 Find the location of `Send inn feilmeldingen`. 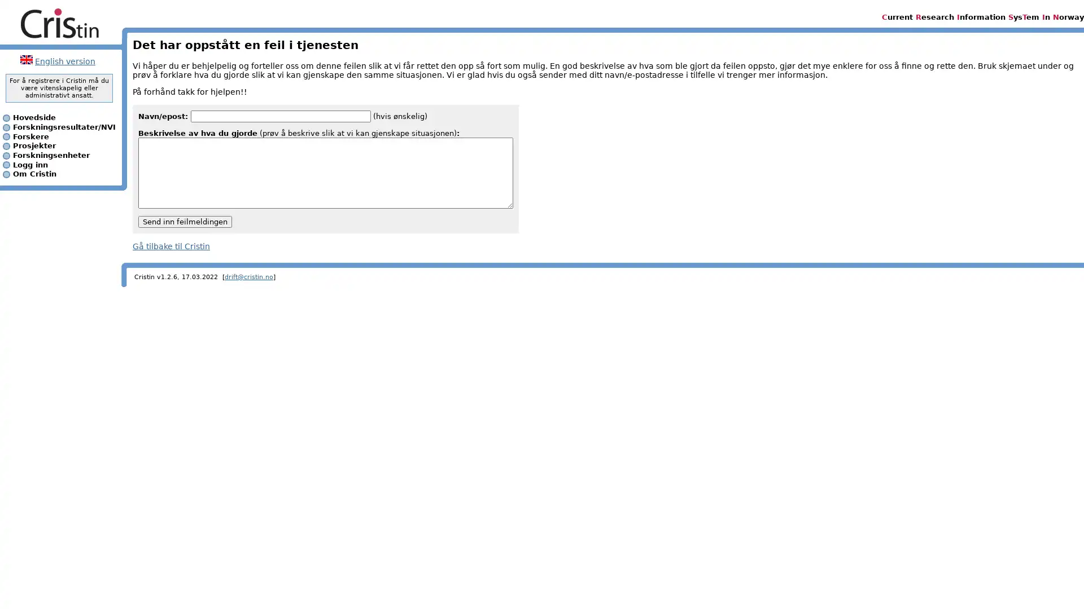

Send inn feilmeldingen is located at coordinates (185, 222).